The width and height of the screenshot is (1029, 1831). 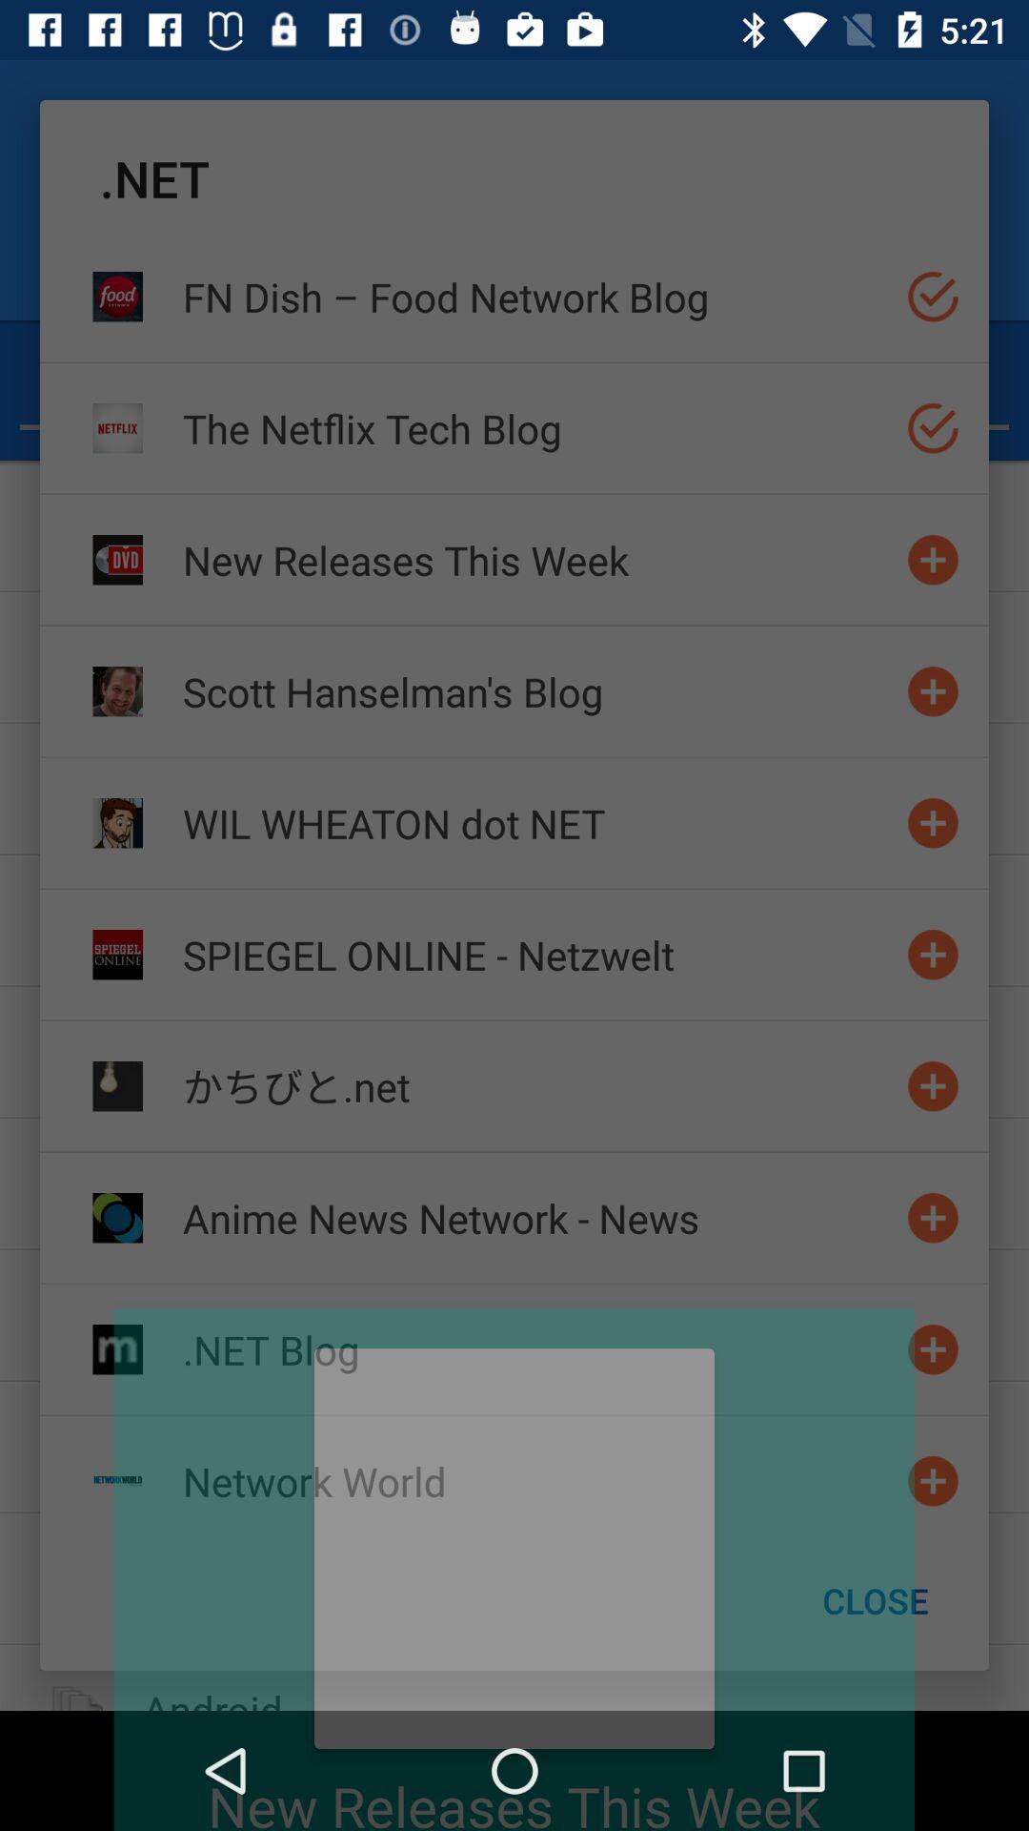 What do you see at coordinates (536, 690) in the screenshot?
I see `the scott hanselman s icon` at bounding box center [536, 690].